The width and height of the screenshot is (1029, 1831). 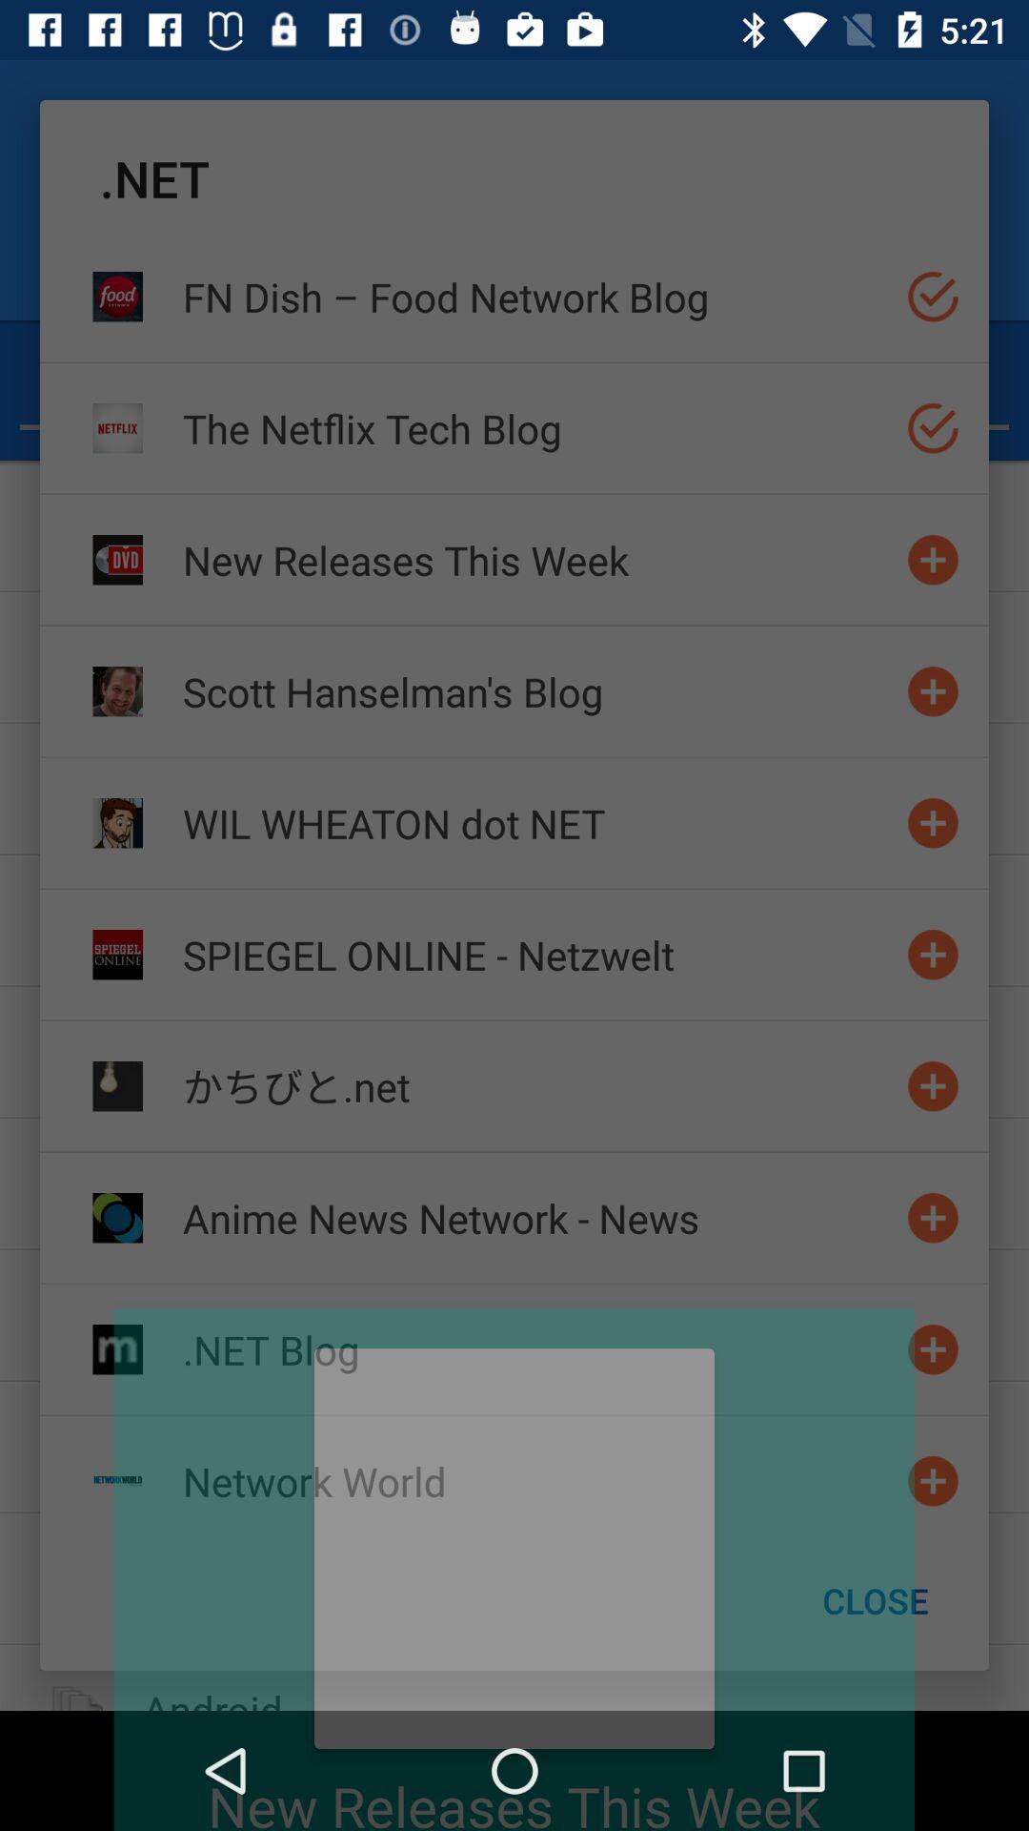 What do you see at coordinates (536, 690) in the screenshot?
I see `the scott hanselman s icon` at bounding box center [536, 690].